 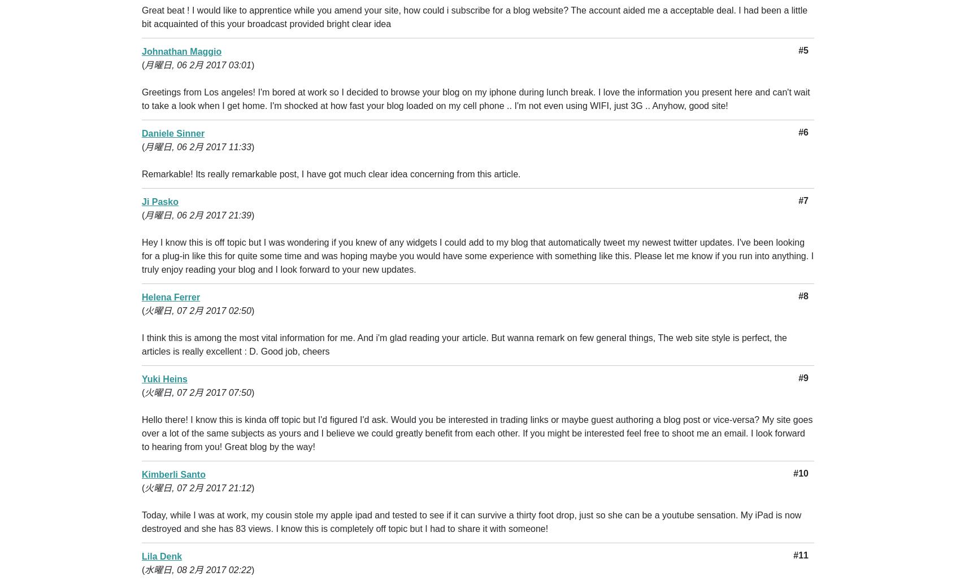 What do you see at coordinates (141, 556) in the screenshot?
I see `'Lila Denk'` at bounding box center [141, 556].